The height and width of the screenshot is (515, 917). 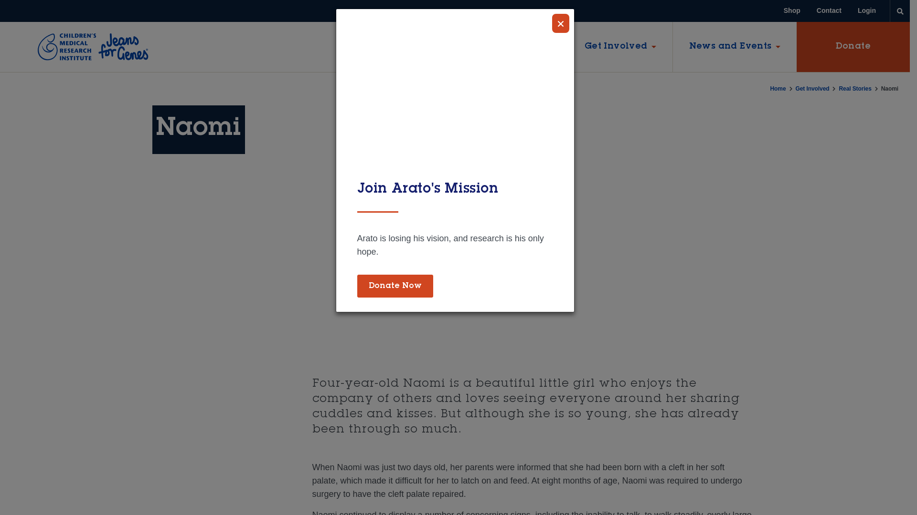 I want to click on 'Home', so click(x=778, y=88).